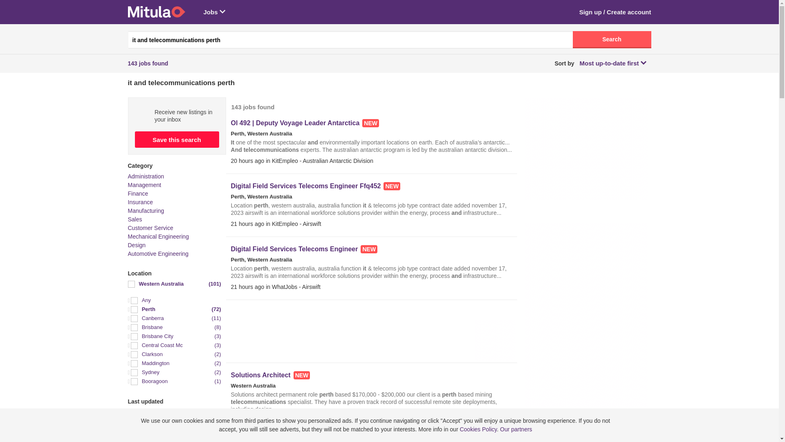 The height and width of the screenshot is (442, 785). What do you see at coordinates (150, 228) in the screenshot?
I see `'Customer Service'` at bounding box center [150, 228].